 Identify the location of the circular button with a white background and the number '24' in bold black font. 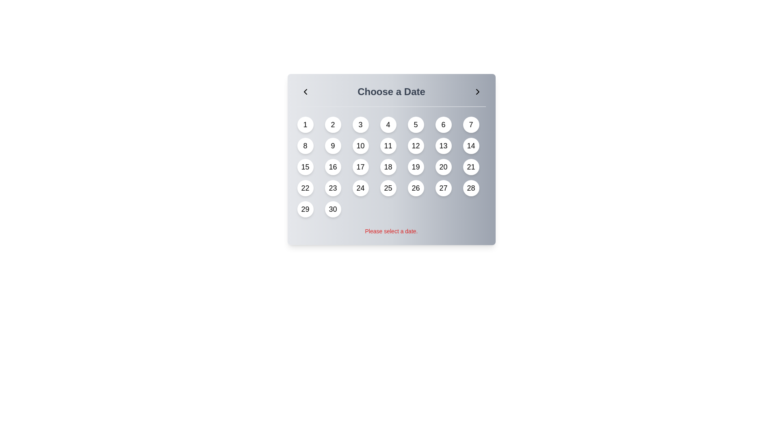
(360, 188).